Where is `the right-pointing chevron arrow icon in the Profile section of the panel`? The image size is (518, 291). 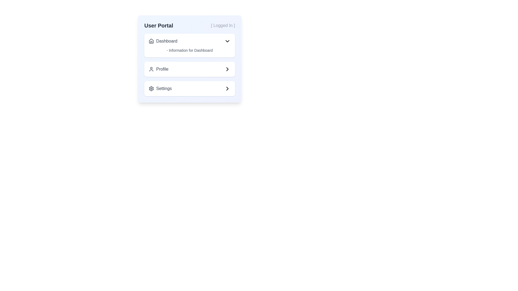
the right-pointing chevron arrow icon in the Profile section of the panel is located at coordinates (227, 69).